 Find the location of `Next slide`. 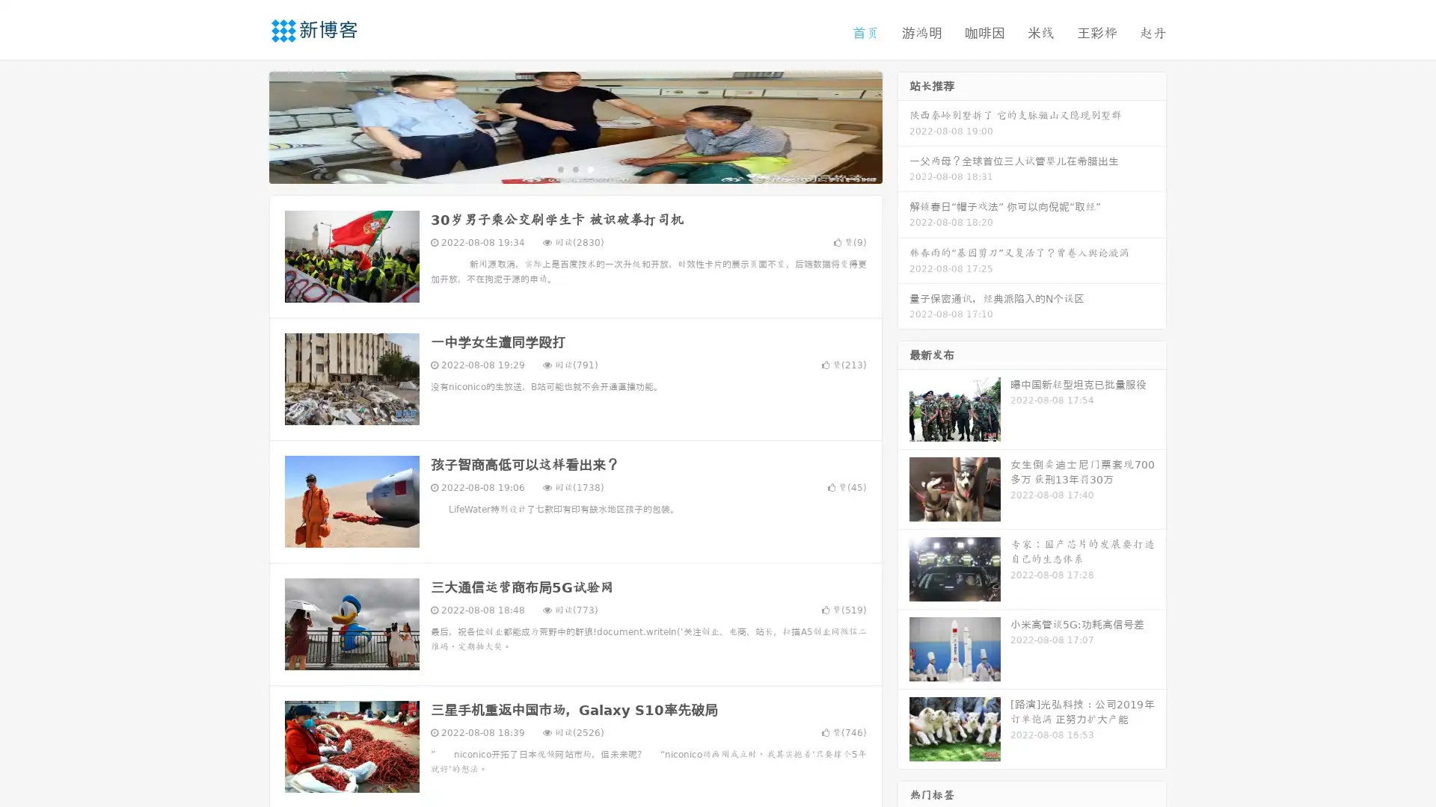

Next slide is located at coordinates (903, 126).